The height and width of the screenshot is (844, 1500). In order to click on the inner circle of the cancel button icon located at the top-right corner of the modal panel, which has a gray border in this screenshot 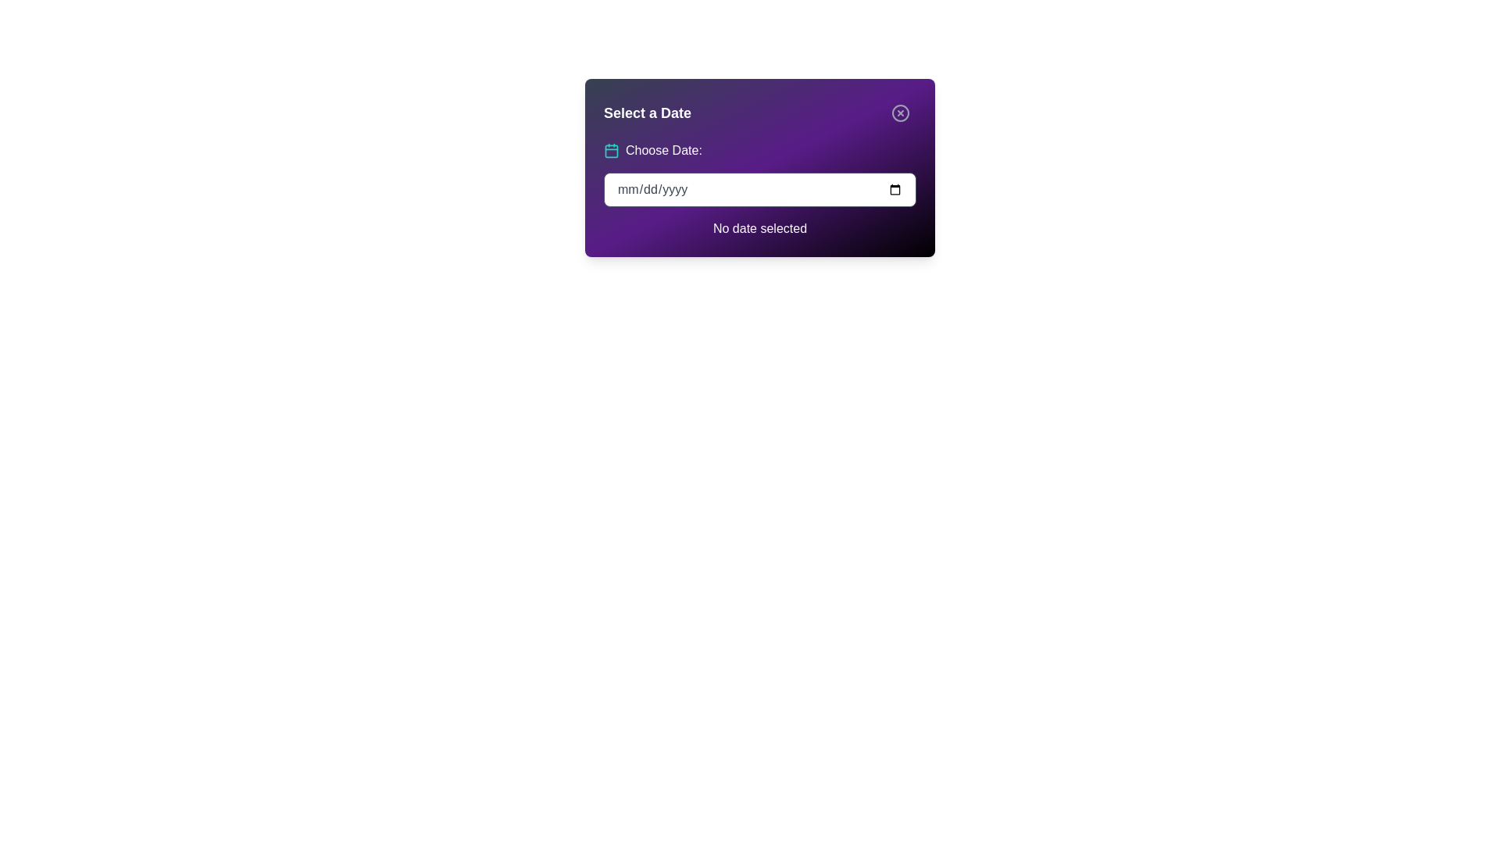, I will do `click(900, 113)`.